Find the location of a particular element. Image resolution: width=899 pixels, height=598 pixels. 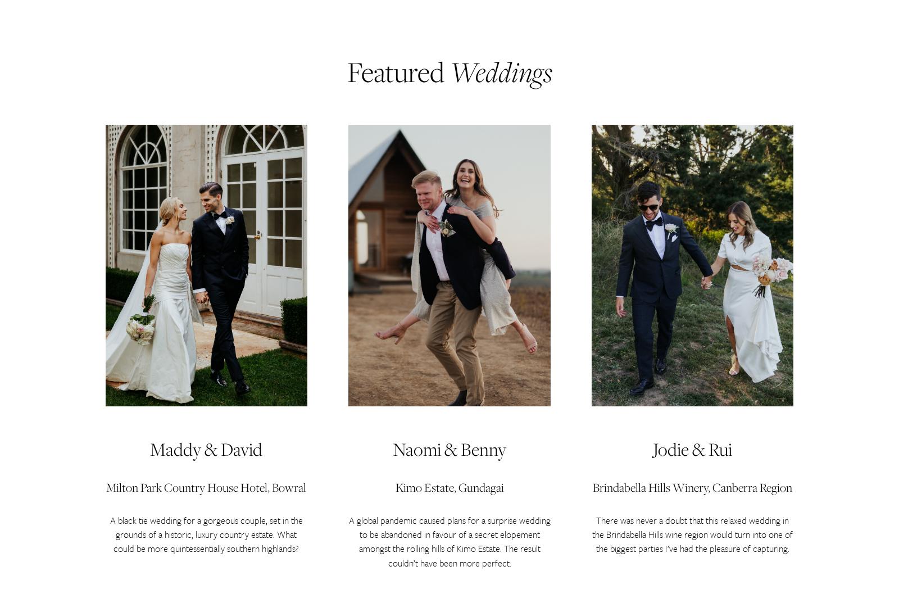

'Featured' is located at coordinates (395, 71).